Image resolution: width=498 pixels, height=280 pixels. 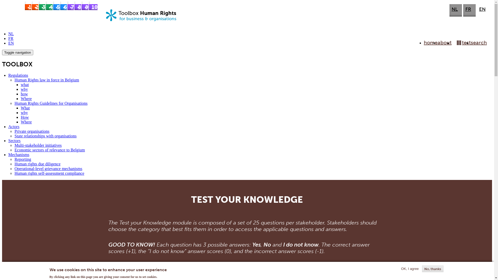 I want to click on 'OK, I agree', so click(x=398, y=268).